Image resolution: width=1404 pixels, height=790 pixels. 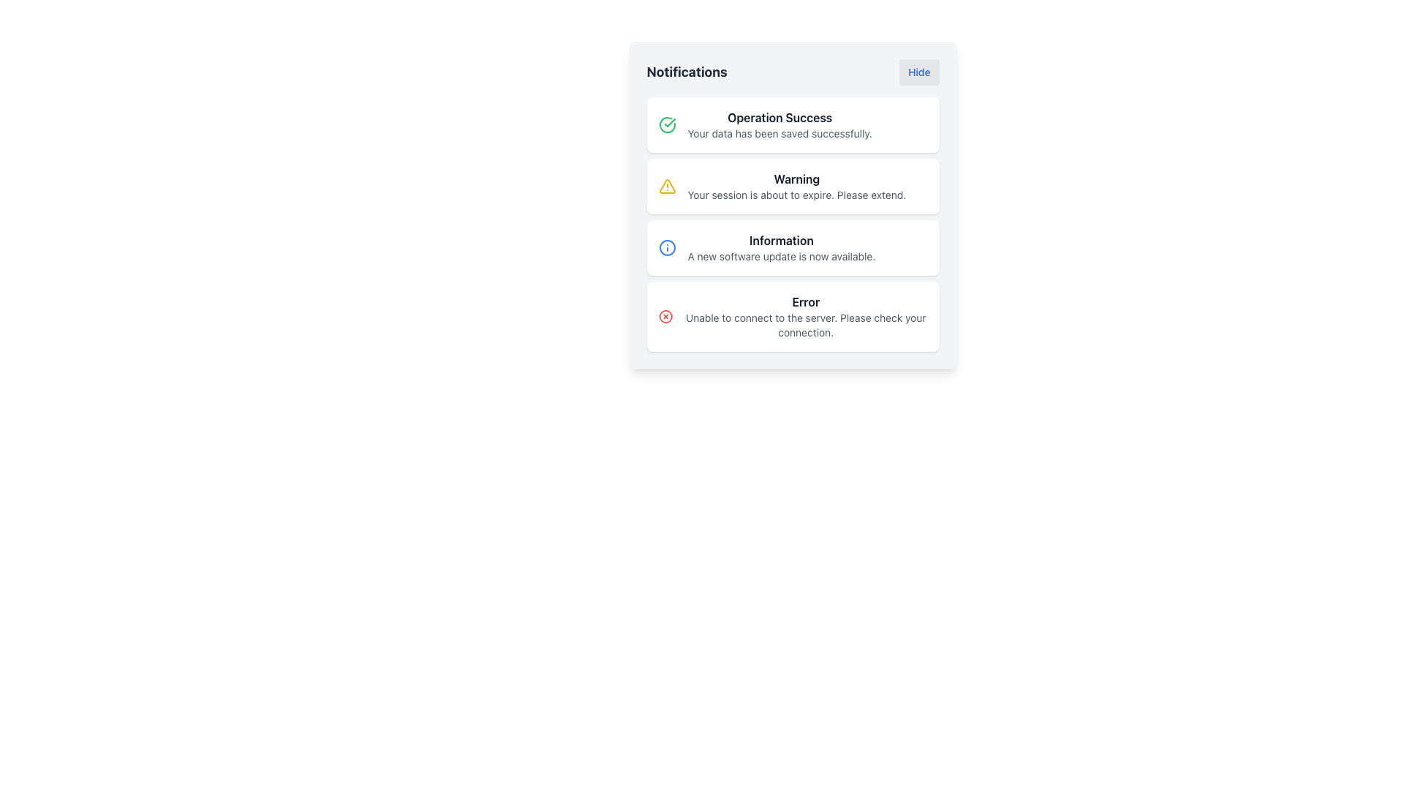 I want to click on the warning icon representing the session expiration notification, which is located in the left part of the 'Warning' notification block, adjacent to the text 'Your session is about to expire. Please extend.', so click(x=666, y=185).